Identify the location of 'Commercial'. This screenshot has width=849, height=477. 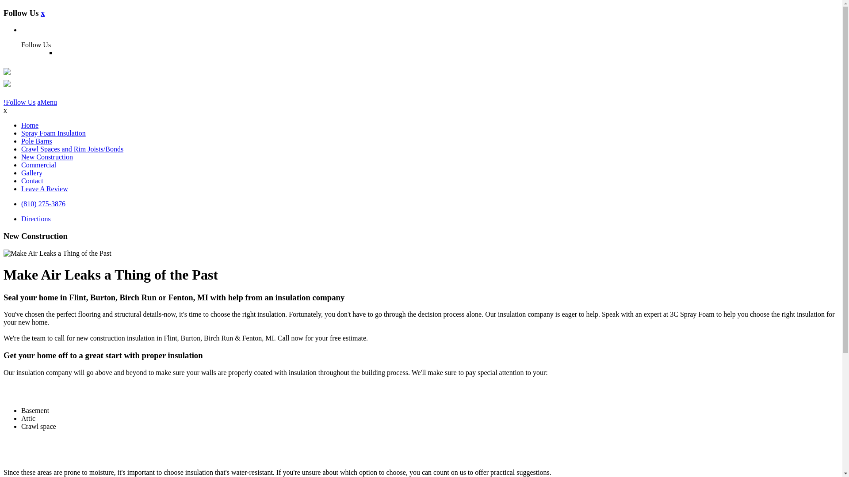
(38, 165).